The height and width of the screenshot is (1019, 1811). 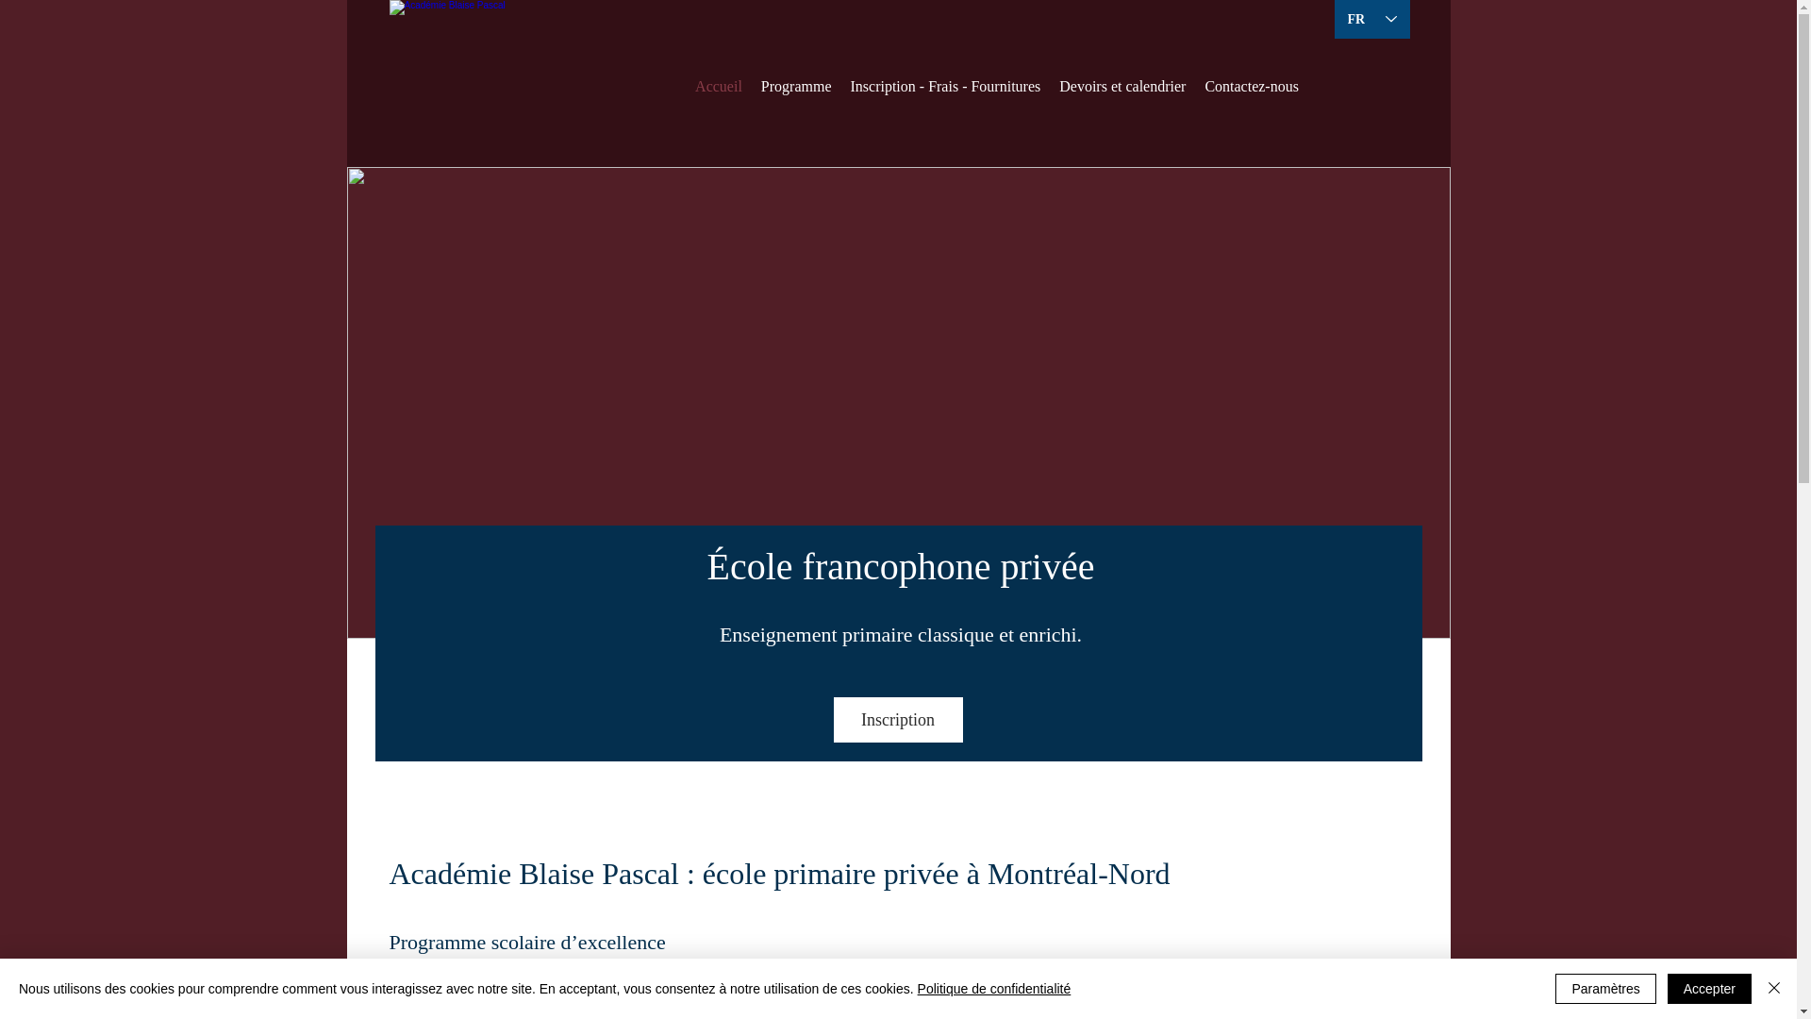 What do you see at coordinates (1709, 988) in the screenshot?
I see `'Accepter'` at bounding box center [1709, 988].